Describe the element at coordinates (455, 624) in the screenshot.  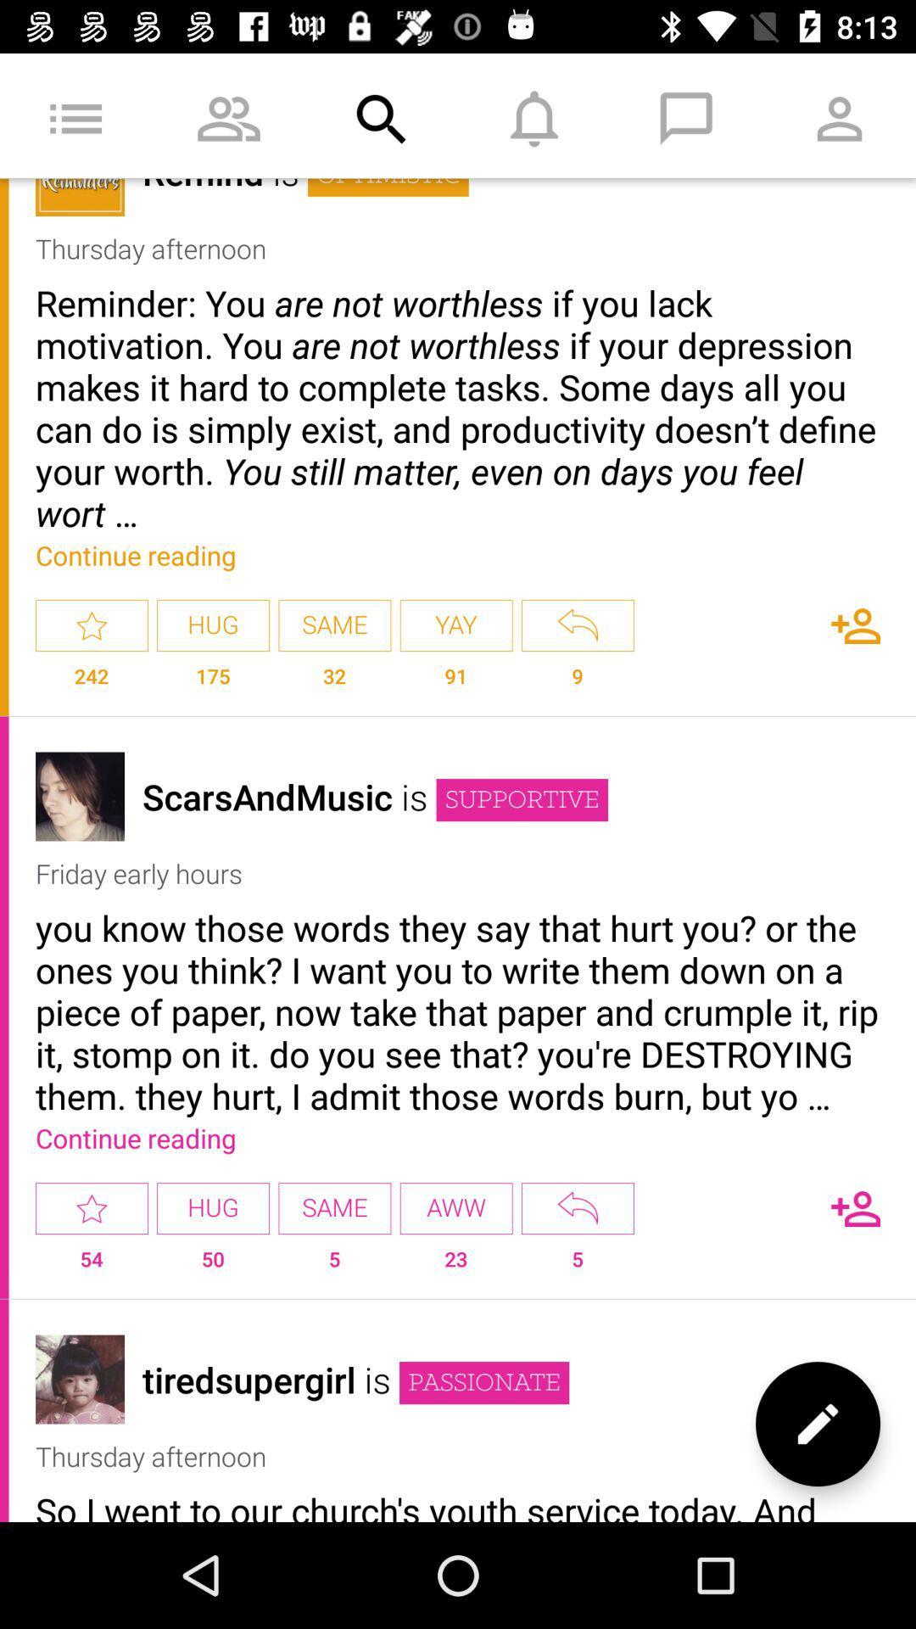
I see `the app next to same` at that location.